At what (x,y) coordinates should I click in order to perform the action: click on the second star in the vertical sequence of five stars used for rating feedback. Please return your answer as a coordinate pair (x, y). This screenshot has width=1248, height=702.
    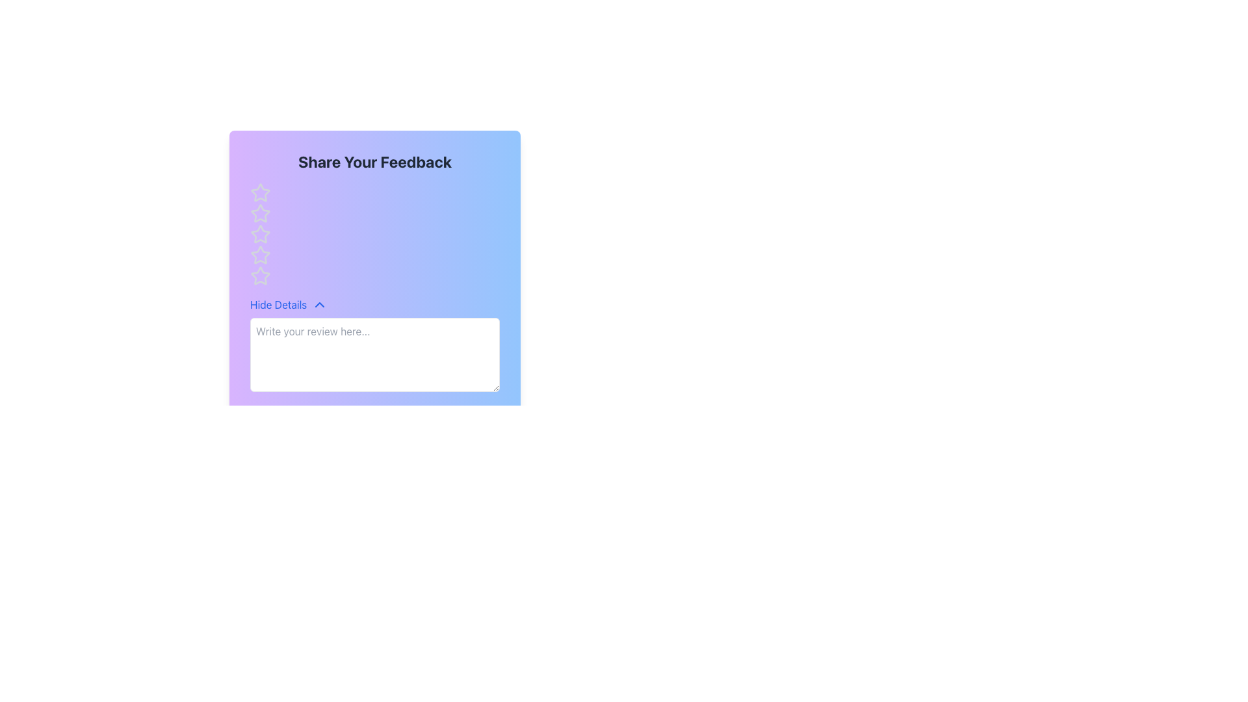
    Looking at the image, I should click on (260, 213).